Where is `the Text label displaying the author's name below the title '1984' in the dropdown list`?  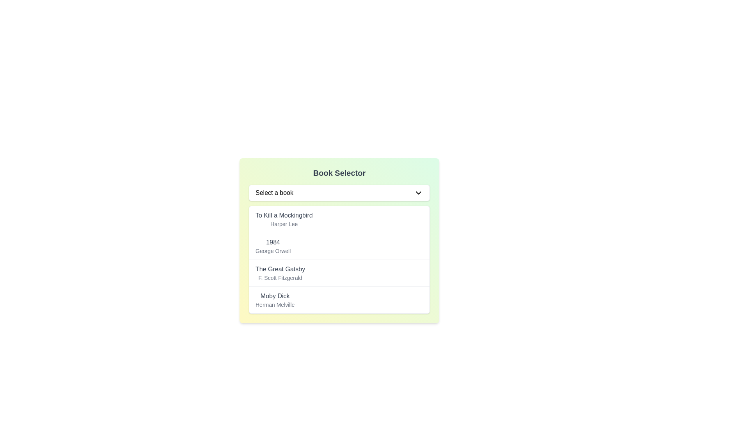
the Text label displaying the author's name below the title '1984' in the dropdown list is located at coordinates (273, 251).